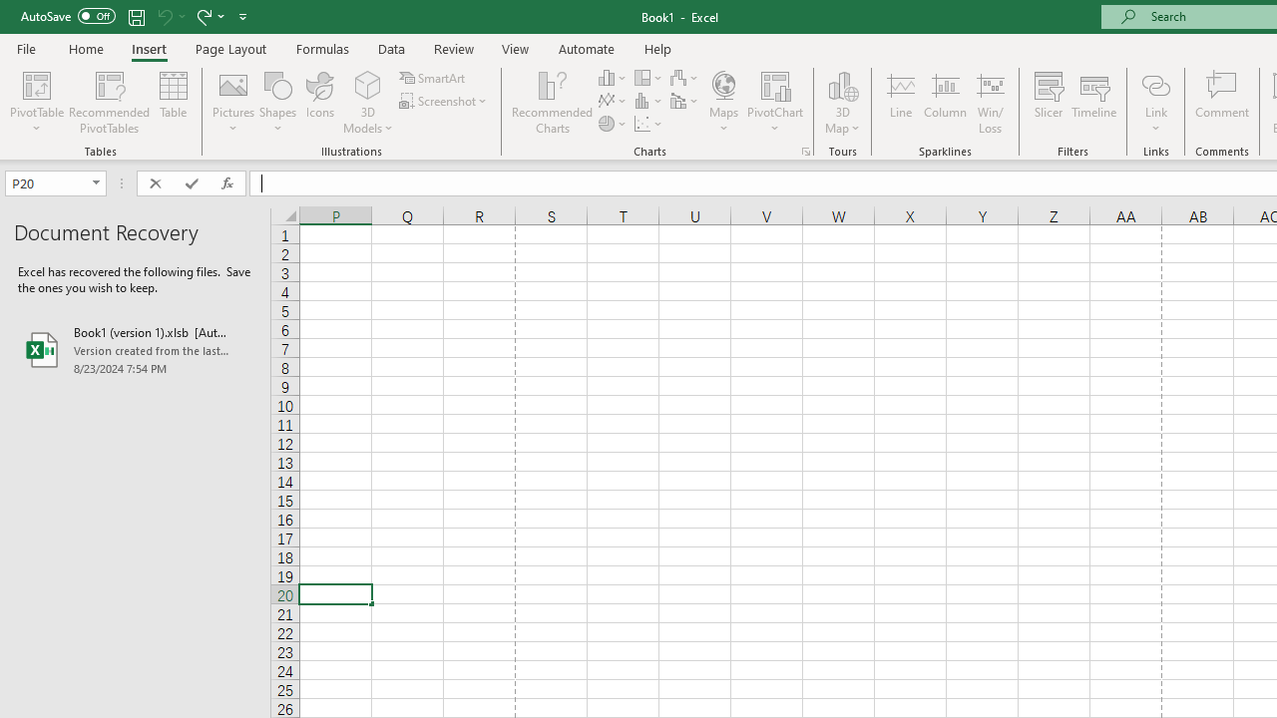 Image resolution: width=1277 pixels, height=718 pixels. What do you see at coordinates (170, 16) in the screenshot?
I see `'Undo'` at bounding box center [170, 16].